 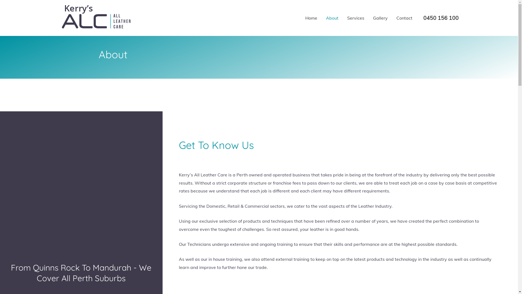 I want to click on 'About', so click(x=331, y=17).